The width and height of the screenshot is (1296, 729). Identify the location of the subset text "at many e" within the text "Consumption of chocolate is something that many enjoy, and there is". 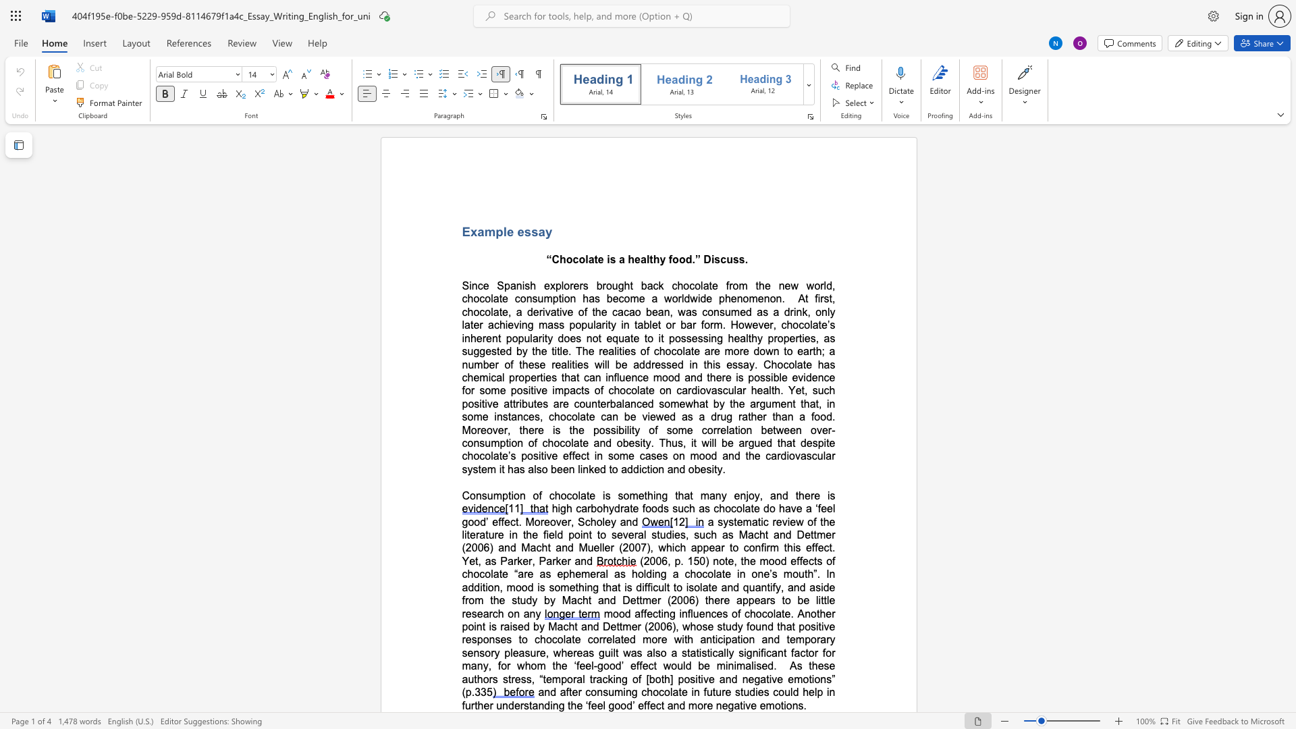
(684, 495).